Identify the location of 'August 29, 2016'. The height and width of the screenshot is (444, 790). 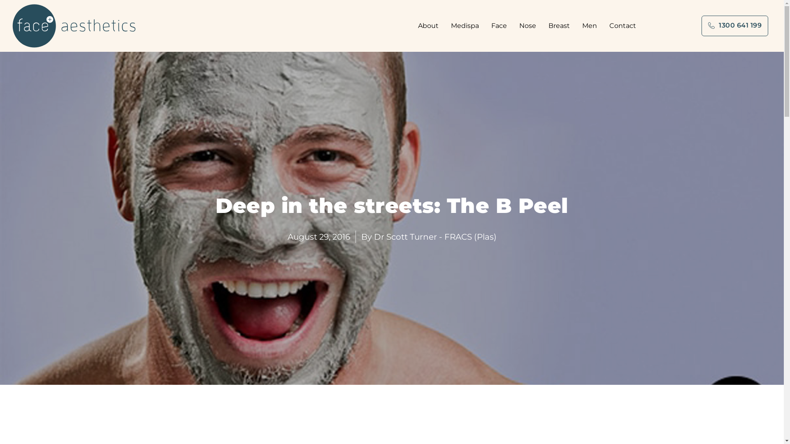
(318, 236).